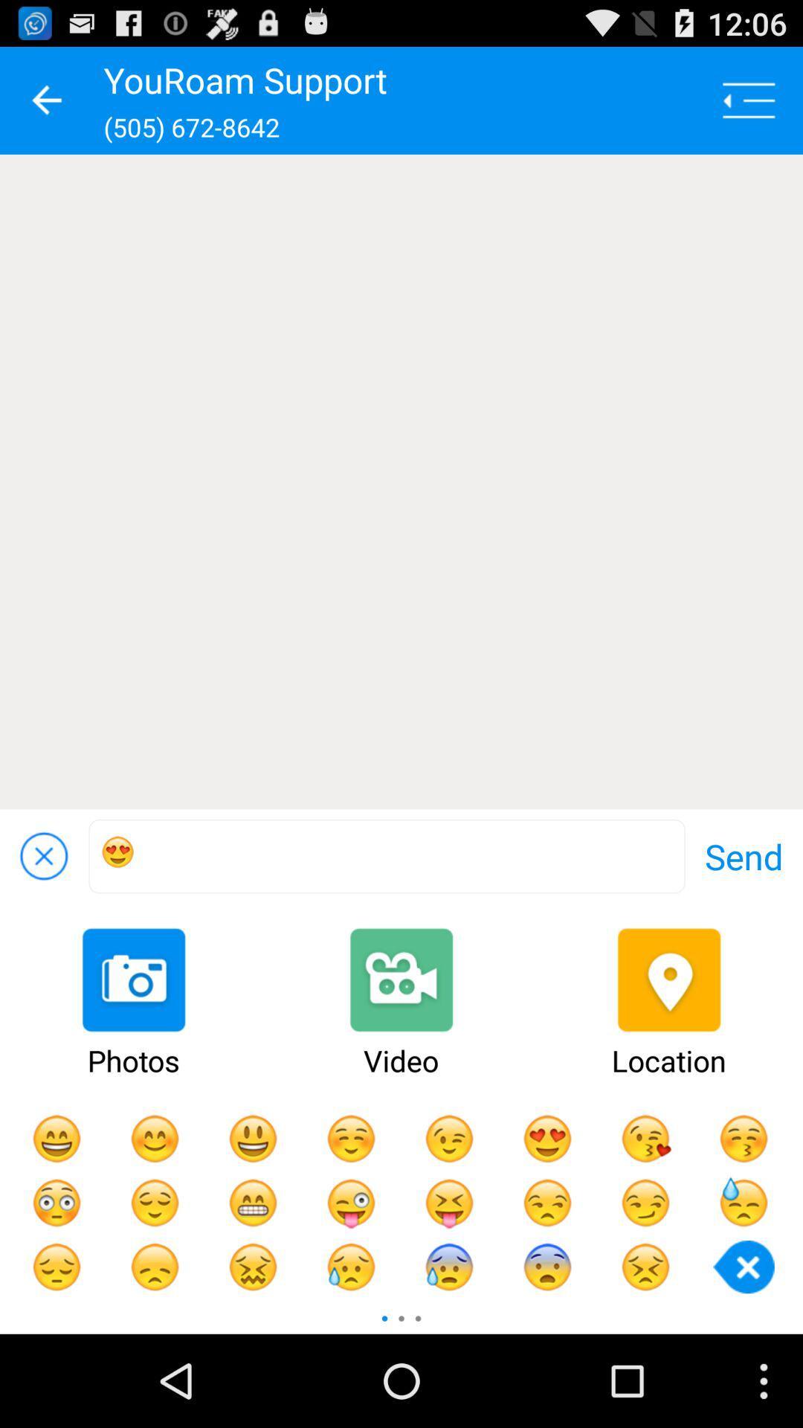  What do you see at coordinates (386, 856) in the screenshot?
I see `e106 icon` at bounding box center [386, 856].